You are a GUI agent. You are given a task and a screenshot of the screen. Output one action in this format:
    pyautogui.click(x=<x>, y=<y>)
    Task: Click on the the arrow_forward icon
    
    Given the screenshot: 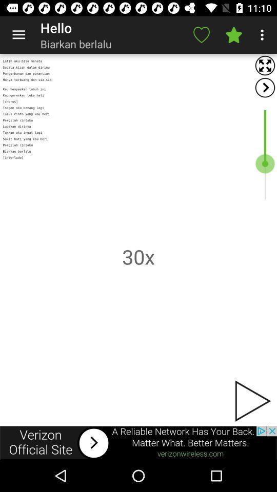 What is the action you would take?
    pyautogui.click(x=265, y=87)
    